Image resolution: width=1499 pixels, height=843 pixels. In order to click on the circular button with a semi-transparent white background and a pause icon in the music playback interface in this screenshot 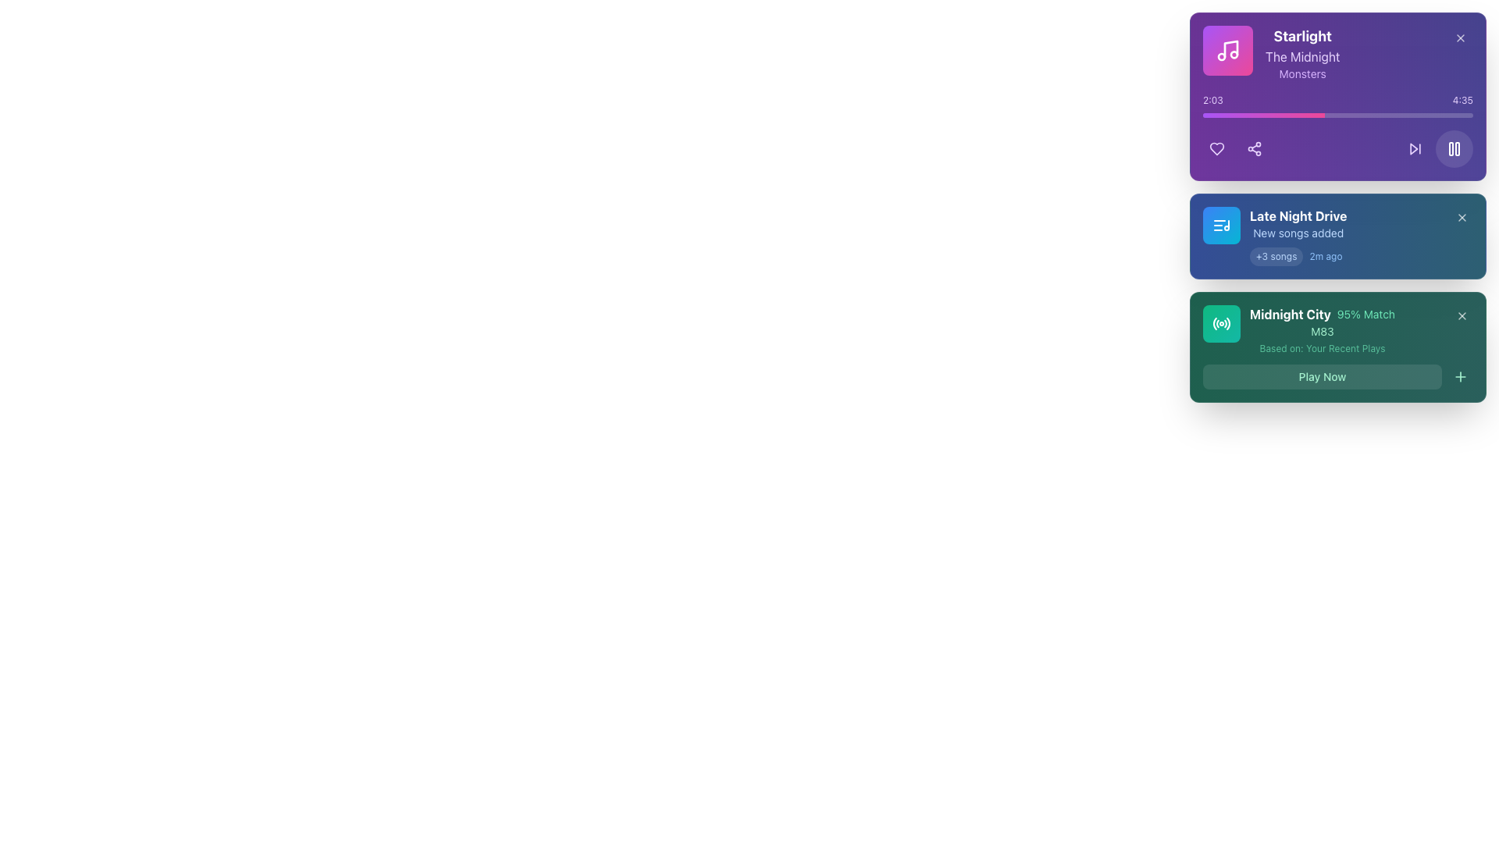, I will do `click(1453, 149)`.